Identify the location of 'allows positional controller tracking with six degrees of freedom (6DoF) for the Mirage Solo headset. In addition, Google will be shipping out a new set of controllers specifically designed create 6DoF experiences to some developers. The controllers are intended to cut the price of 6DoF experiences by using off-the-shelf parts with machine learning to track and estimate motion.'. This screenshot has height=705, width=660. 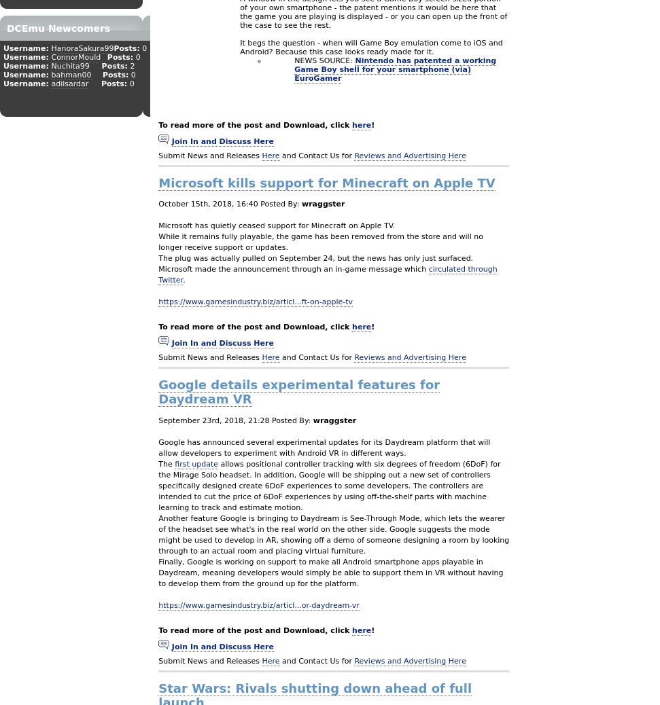
(329, 484).